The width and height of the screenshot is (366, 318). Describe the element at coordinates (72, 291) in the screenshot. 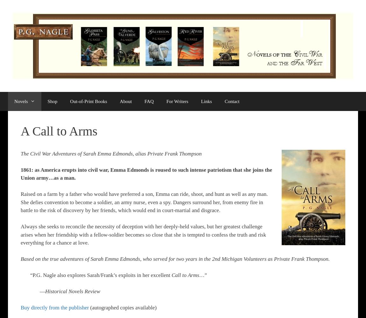

I see `'Historical Novels Review'` at that location.